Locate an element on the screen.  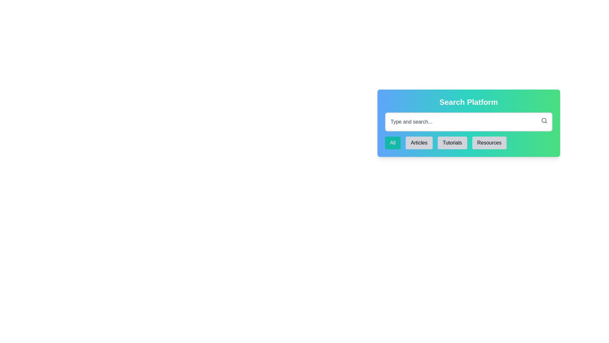
the magnifying glass icon, which features a small grayish circle representing the lens, located in the top-right corner of the search bar is located at coordinates (543, 120).